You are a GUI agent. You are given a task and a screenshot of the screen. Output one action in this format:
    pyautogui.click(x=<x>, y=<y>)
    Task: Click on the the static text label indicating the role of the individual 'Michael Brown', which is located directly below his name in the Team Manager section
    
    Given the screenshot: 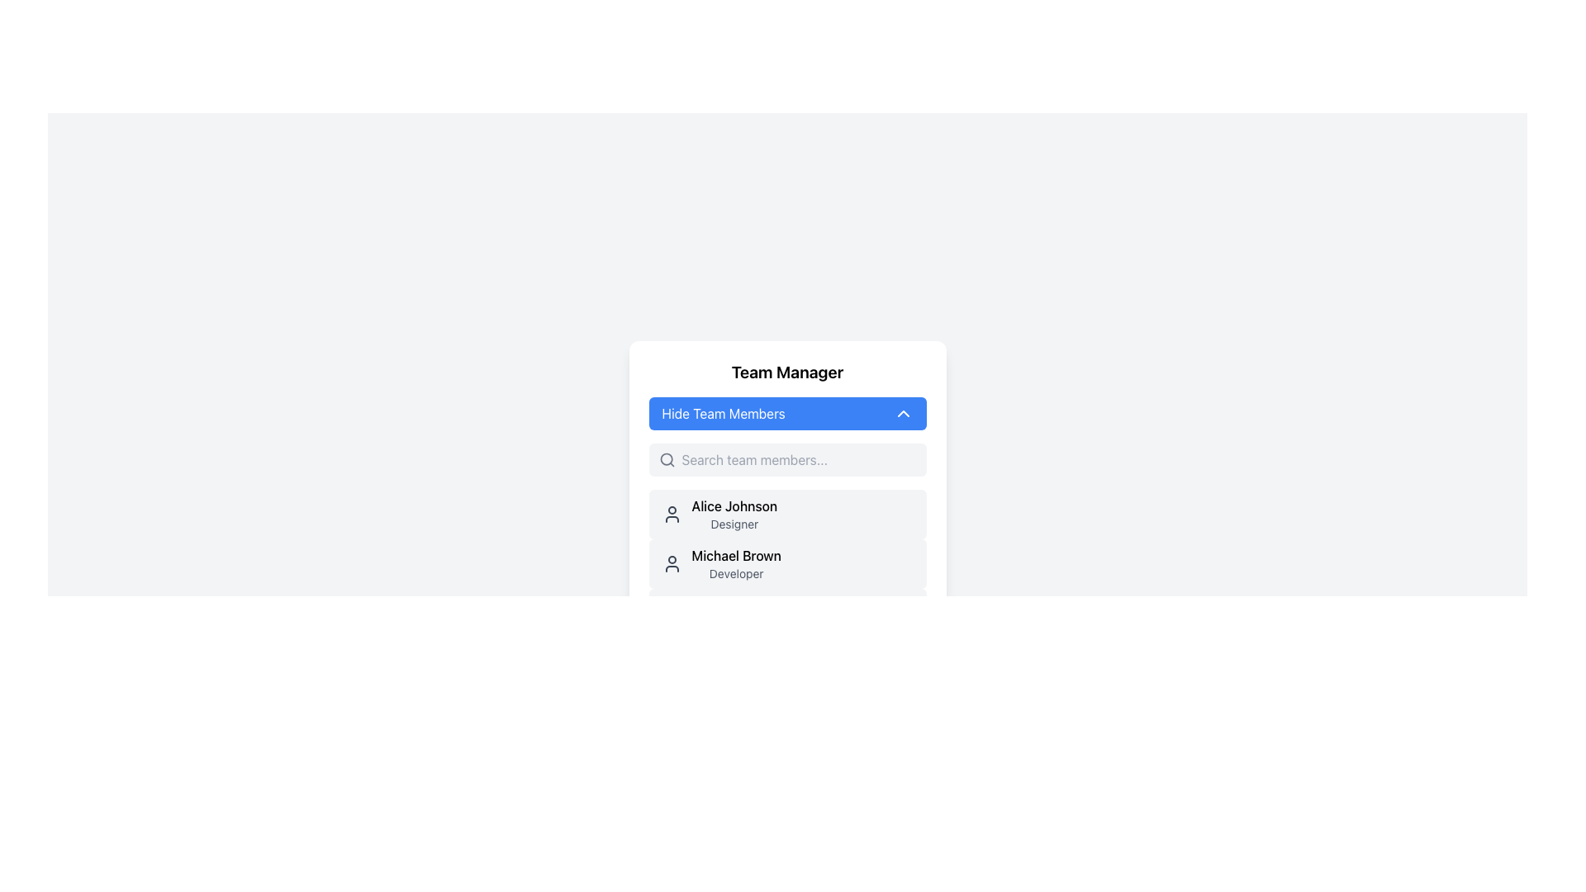 What is the action you would take?
    pyautogui.click(x=735, y=572)
    